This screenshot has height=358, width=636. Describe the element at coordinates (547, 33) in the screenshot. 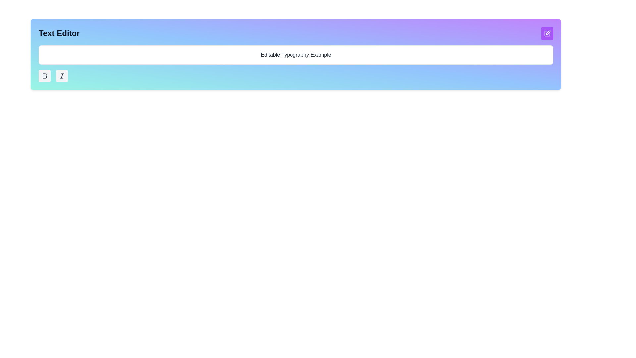

I see `the icon button featuring a pen inside a square with a purple background to initiate editing mode` at that location.